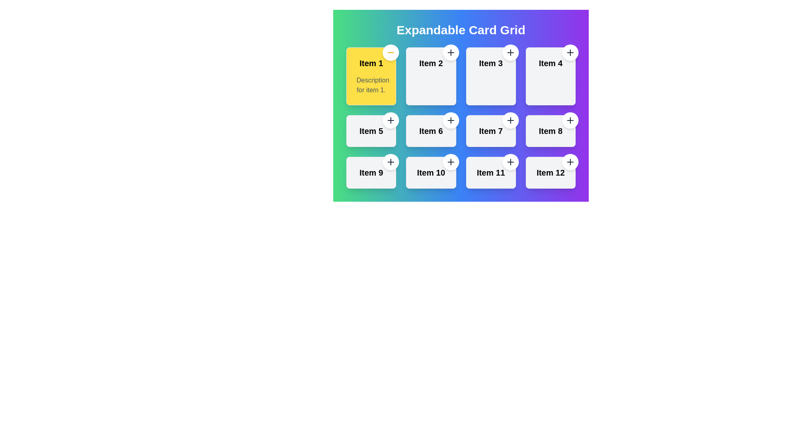 Image resolution: width=785 pixels, height=441 pixels. Describe the element at coordinates (570, 52) in the screenshot. I see `the add button located in the top-right corner of the 'Item 4' card` at that location.